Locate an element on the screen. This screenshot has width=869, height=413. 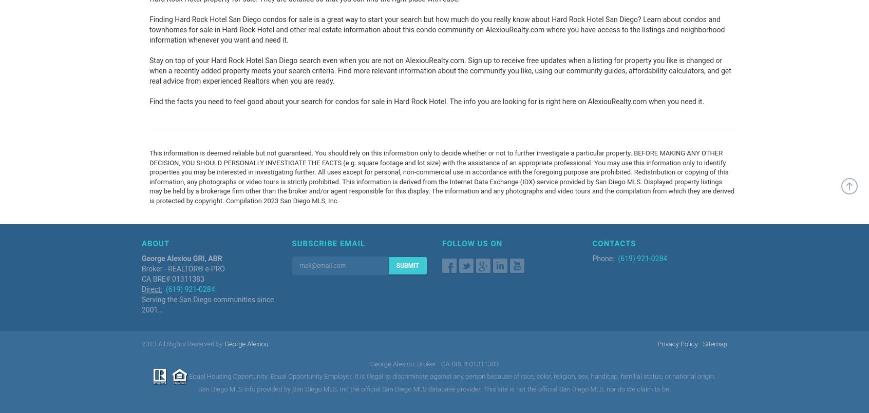
'Privacy Policy' is located at coordinates (656, 343).